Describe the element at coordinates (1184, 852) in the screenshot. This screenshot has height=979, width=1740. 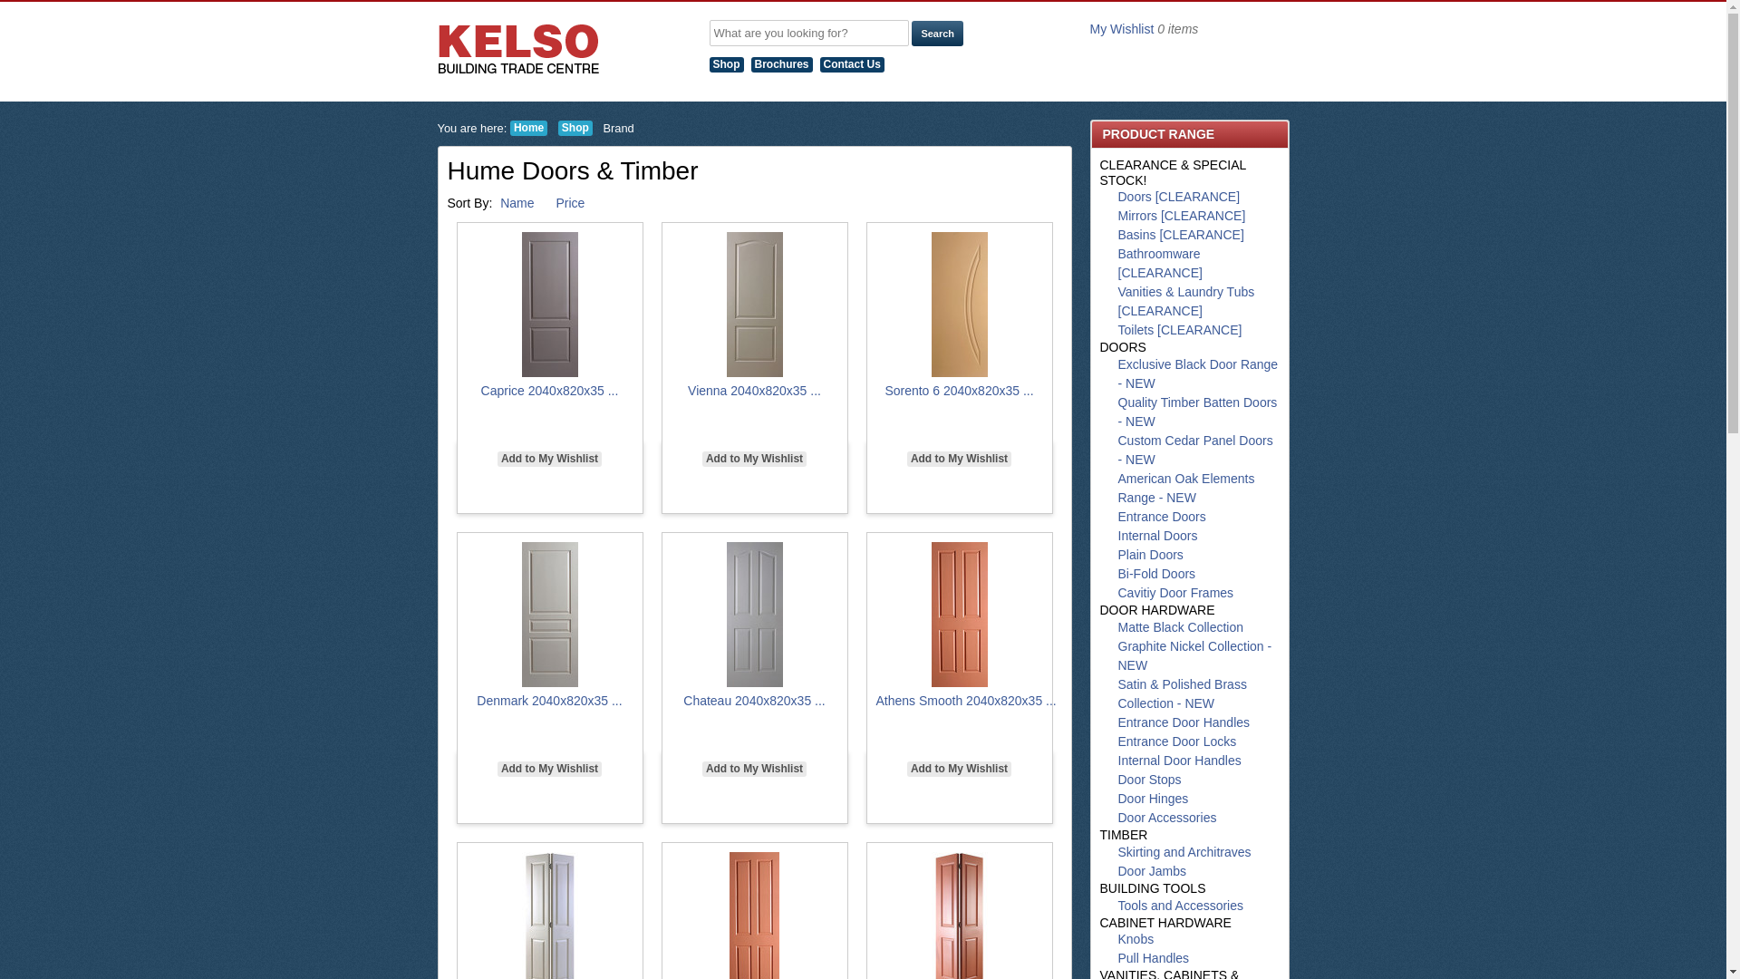
I see `'Skirting and Architraves'` at that location.